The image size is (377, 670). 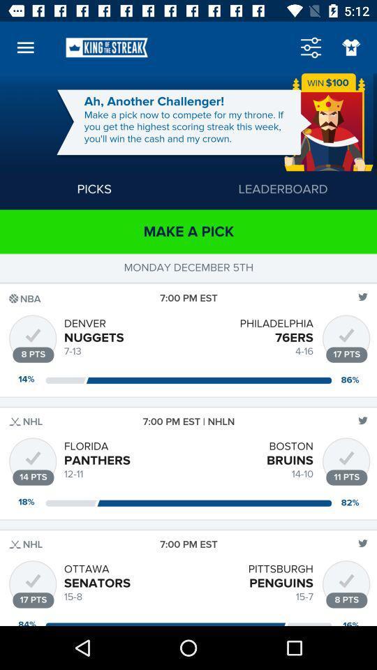 What do you see at coordinates (311, 47) in the screenshot?
I see `feature settings` at bounding box center [311, 47].